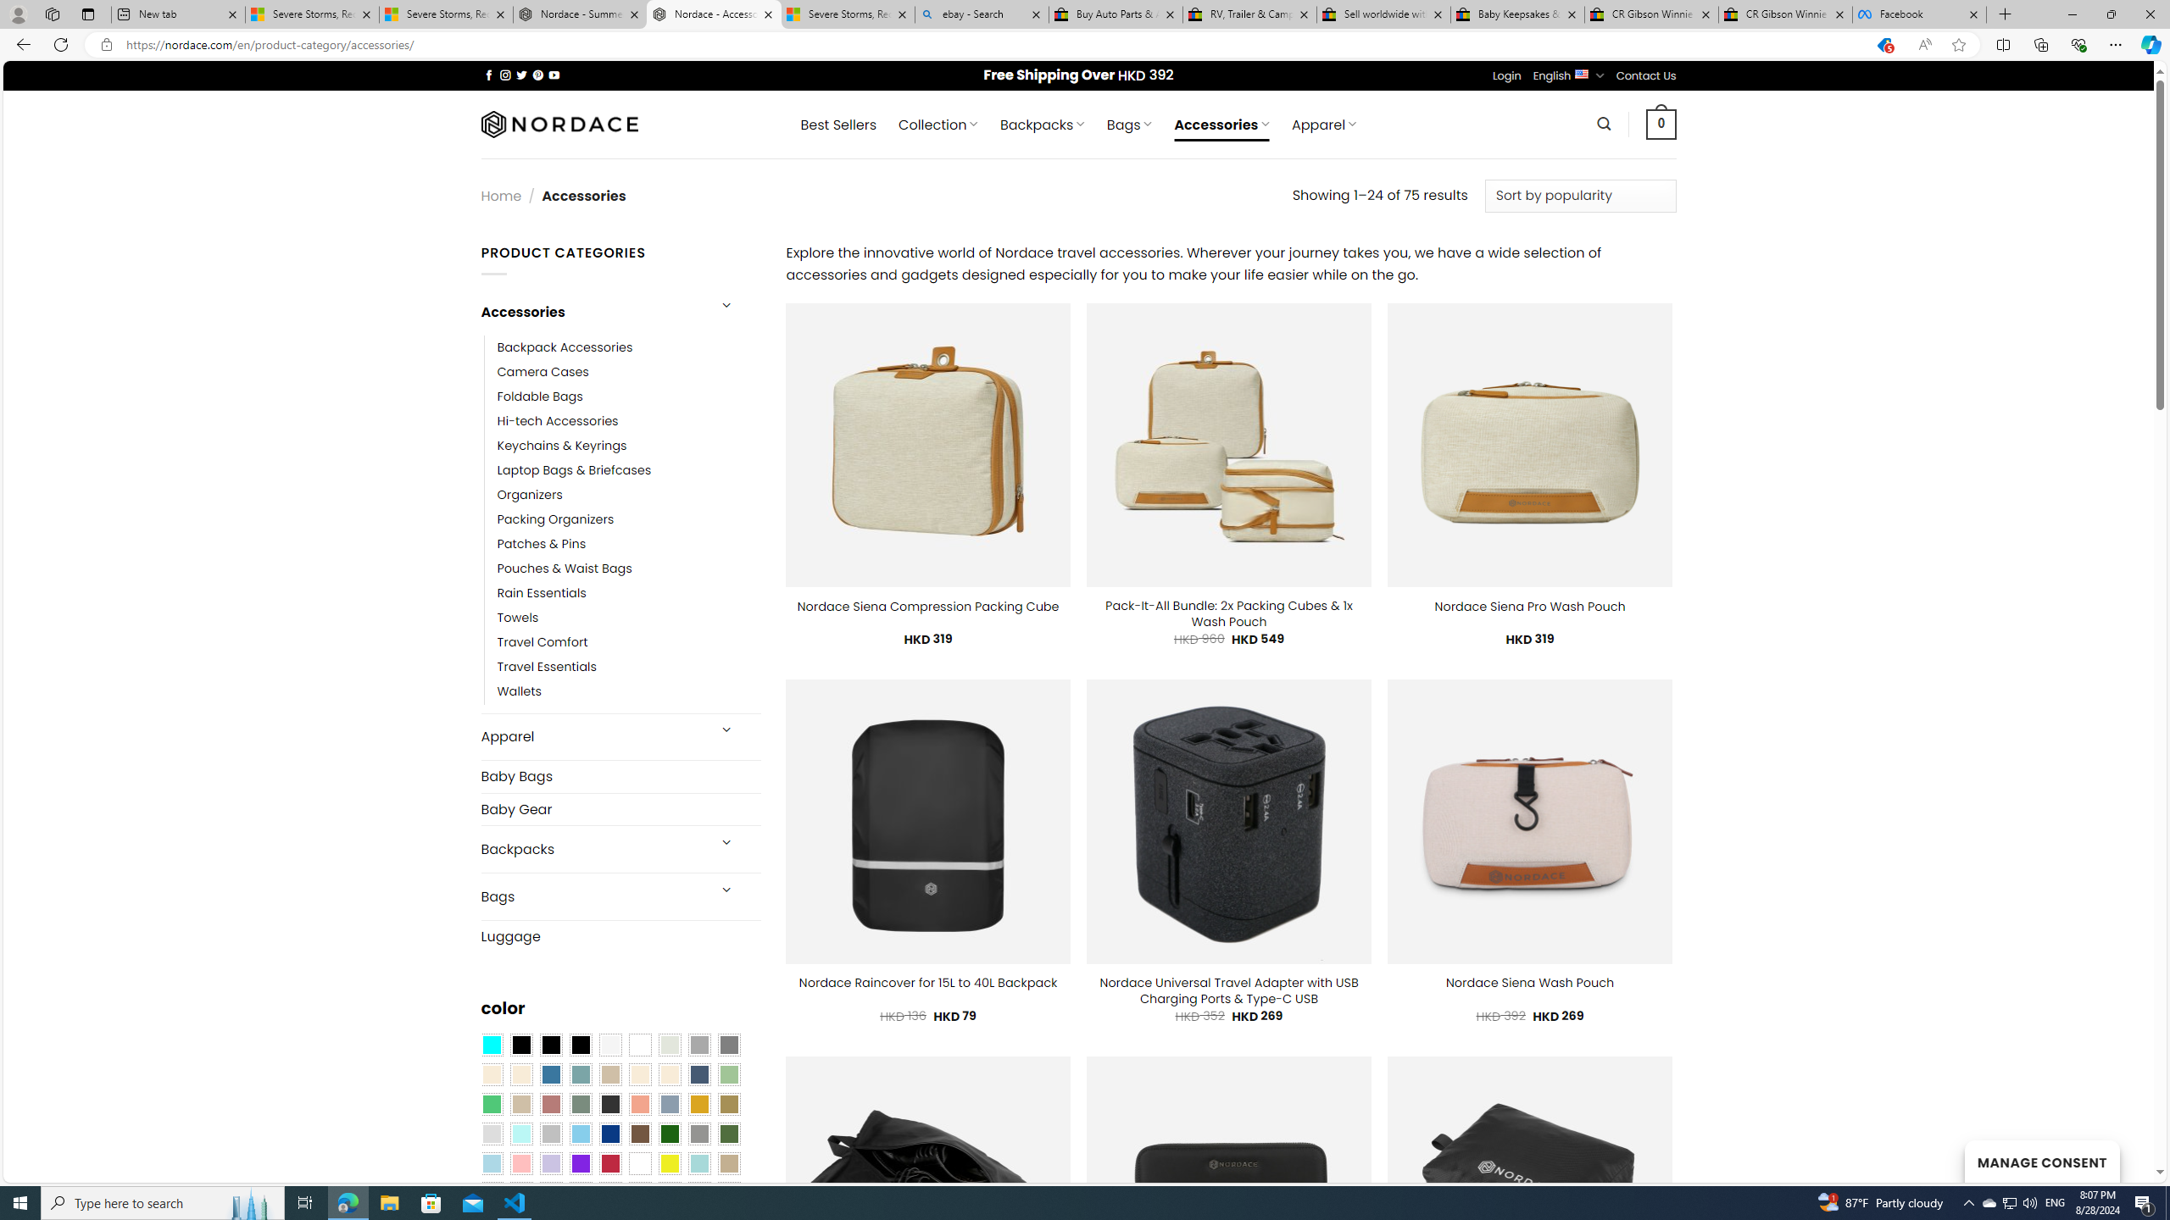 The height and width of the screenshot is (1220, 2170). I want to click on 'Packing Organizers', so click(555, 519).